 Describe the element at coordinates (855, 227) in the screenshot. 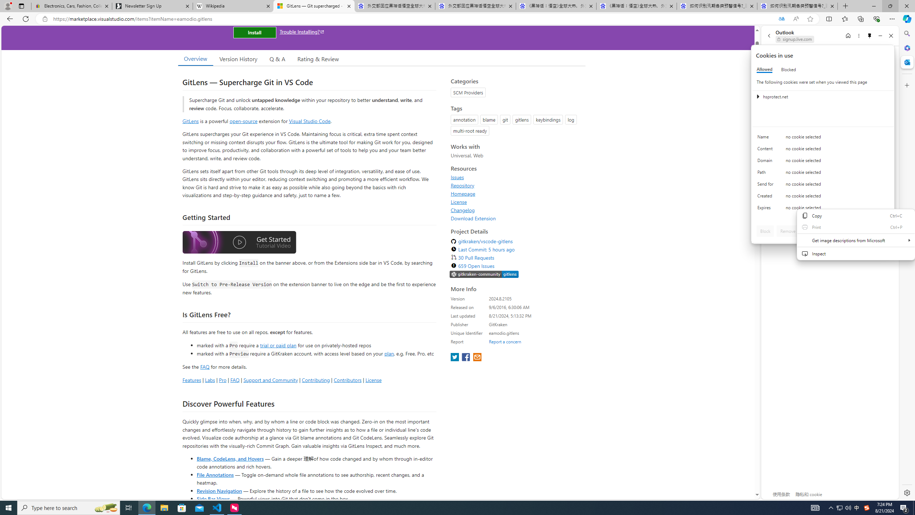

I see `'Print'` at that location.